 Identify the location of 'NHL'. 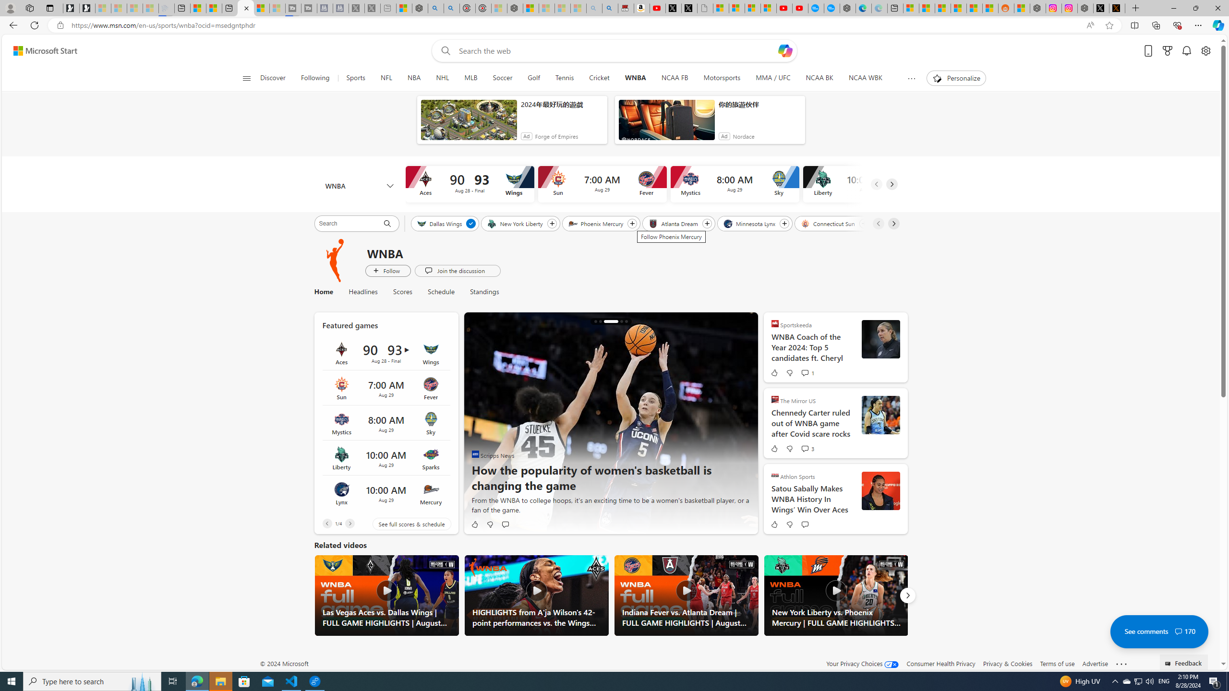
(442, 78).